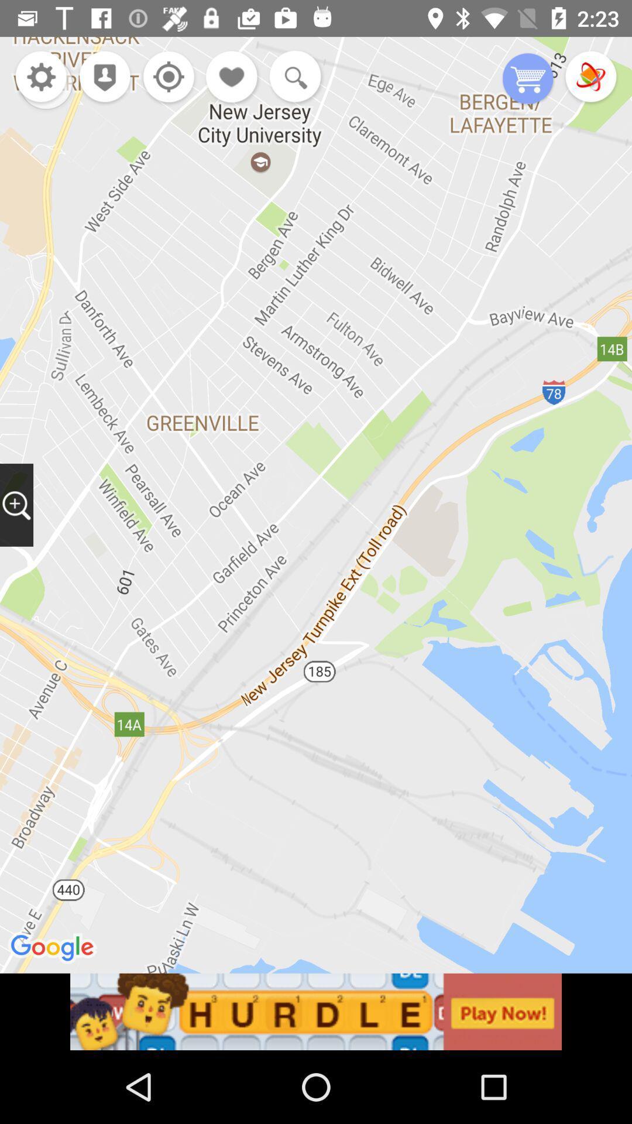 The width and height of the screenshot is (632, 1124). Describe the element at coordinates (16, 505) in the screenshot. I see `click zoom in option` at that location.